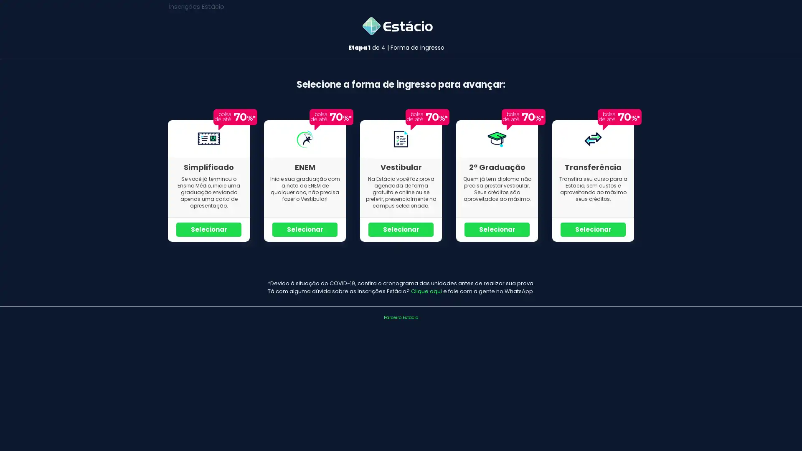 This screenshot has height=451, width=802. Describe the element at coordinates (401, 229) in the screenshot. I see `Selecionar` at that location.